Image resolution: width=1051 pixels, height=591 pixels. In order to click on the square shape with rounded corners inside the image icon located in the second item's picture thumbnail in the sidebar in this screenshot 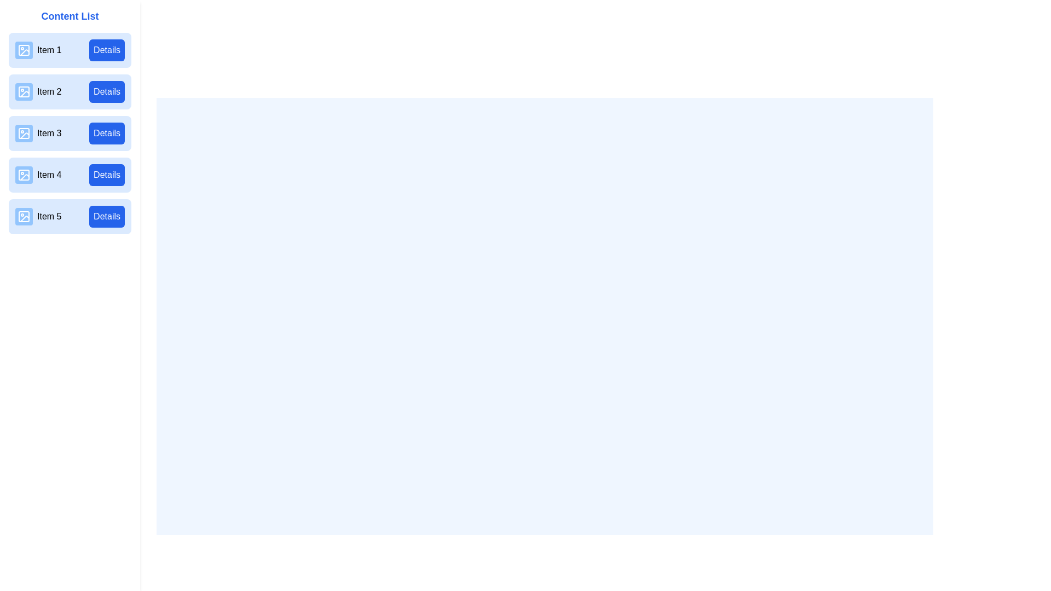, I will do `click(24, 91)`.